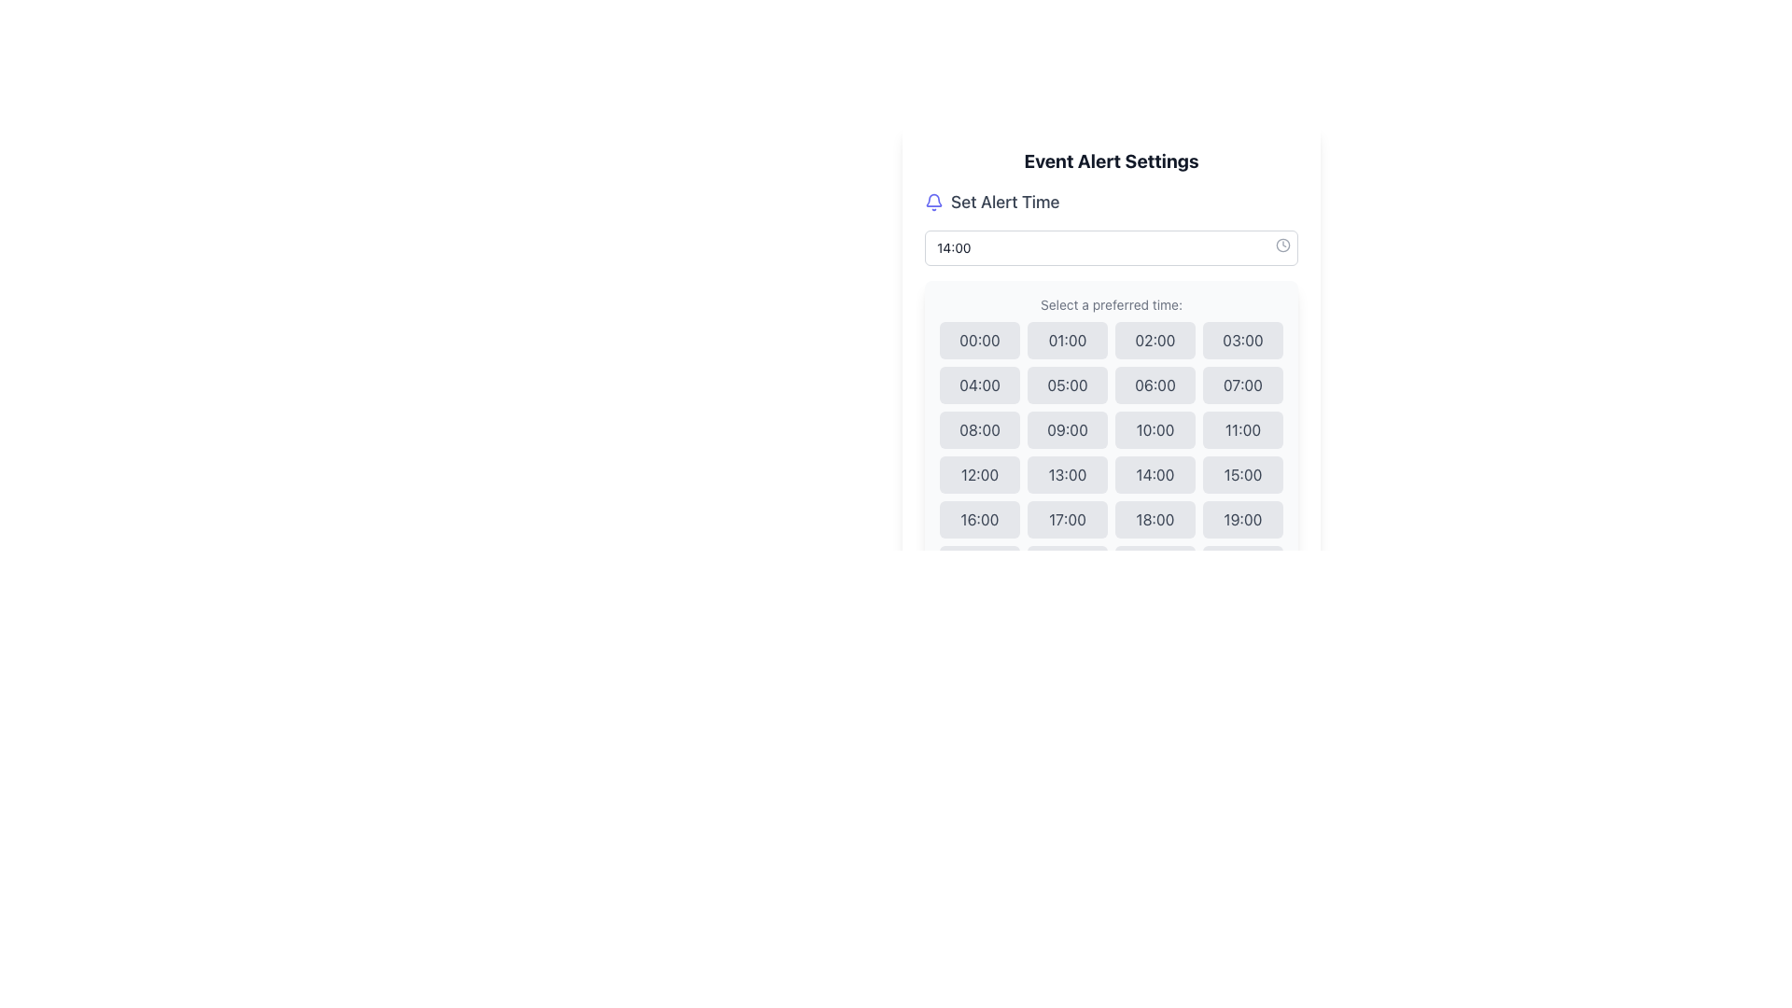 This screenshot has width=1792, height=1008. I want to click on the button labeled '06:00' in the time selection grid to set the alert time, so click(1155, 384).